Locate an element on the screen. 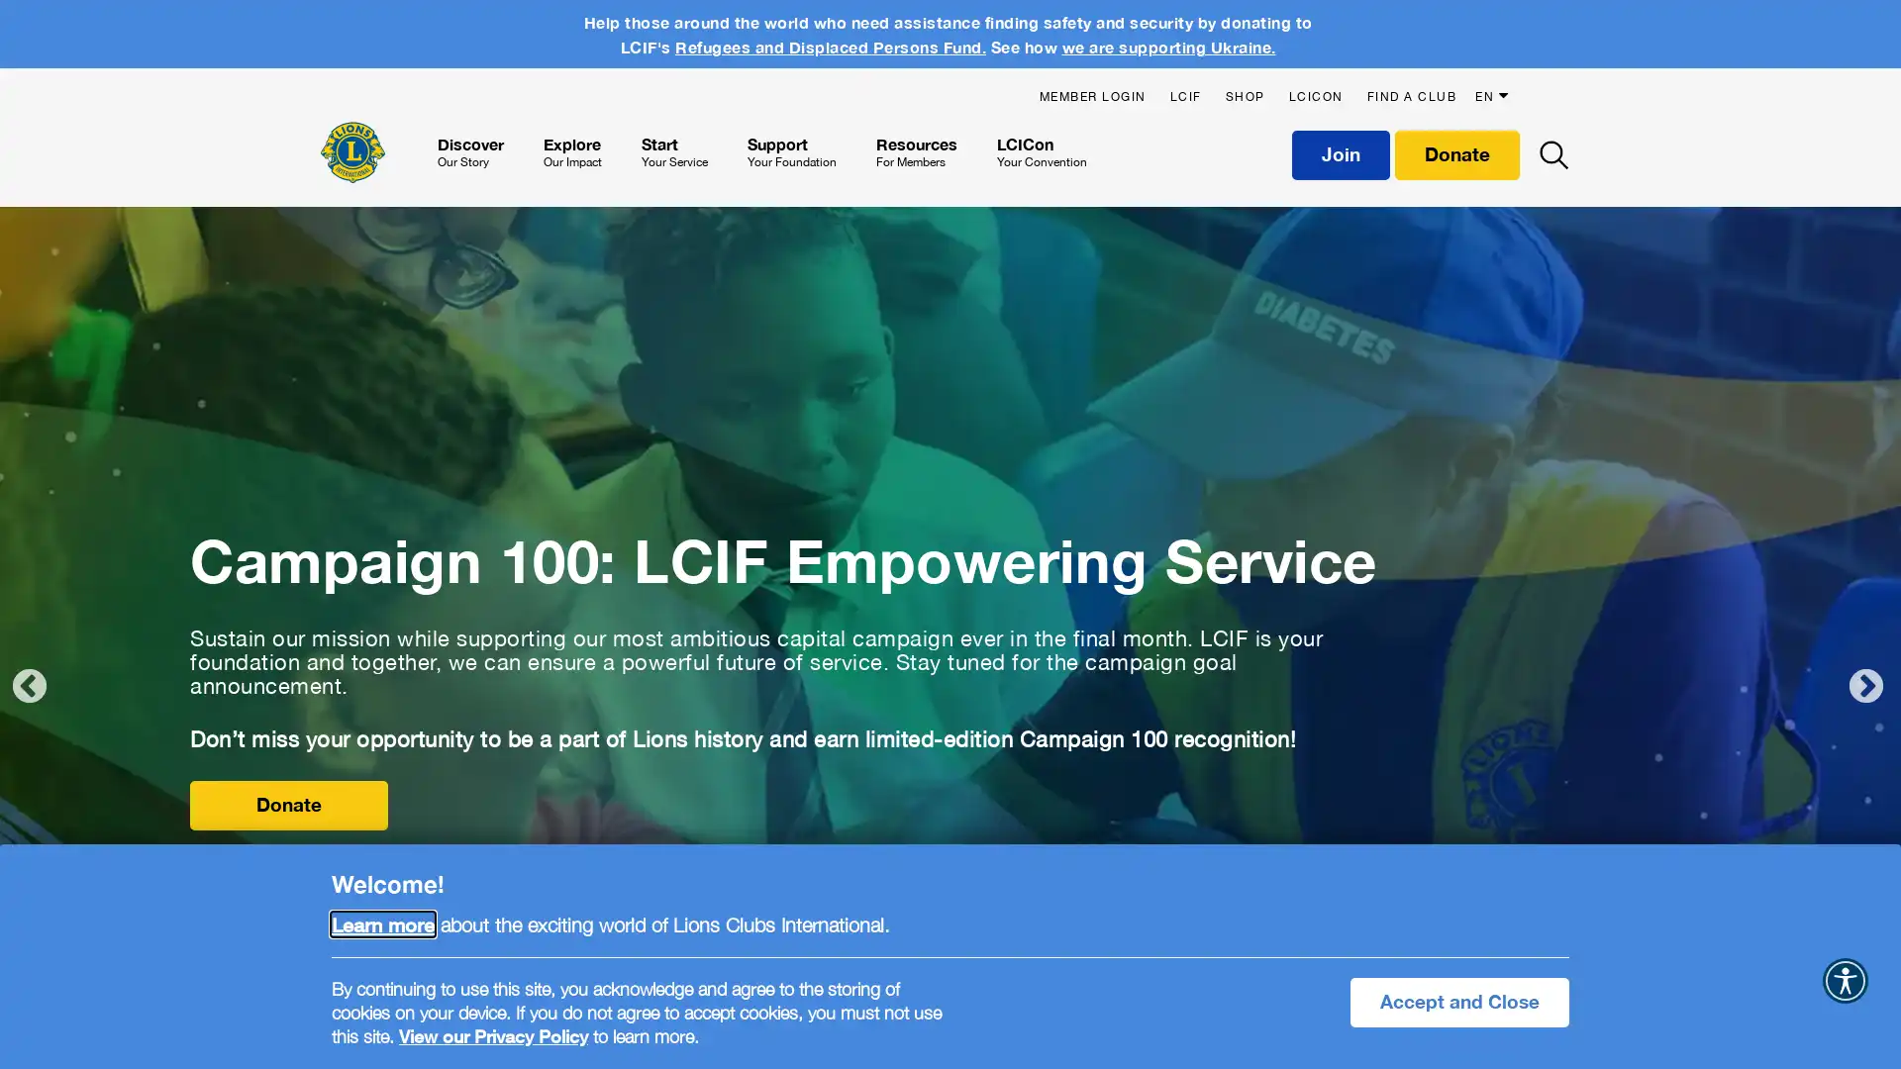 Image resolution: width=1901 pixels, height=1069 pixels. Accessibility Menu is located at coordinates (1844, 981).